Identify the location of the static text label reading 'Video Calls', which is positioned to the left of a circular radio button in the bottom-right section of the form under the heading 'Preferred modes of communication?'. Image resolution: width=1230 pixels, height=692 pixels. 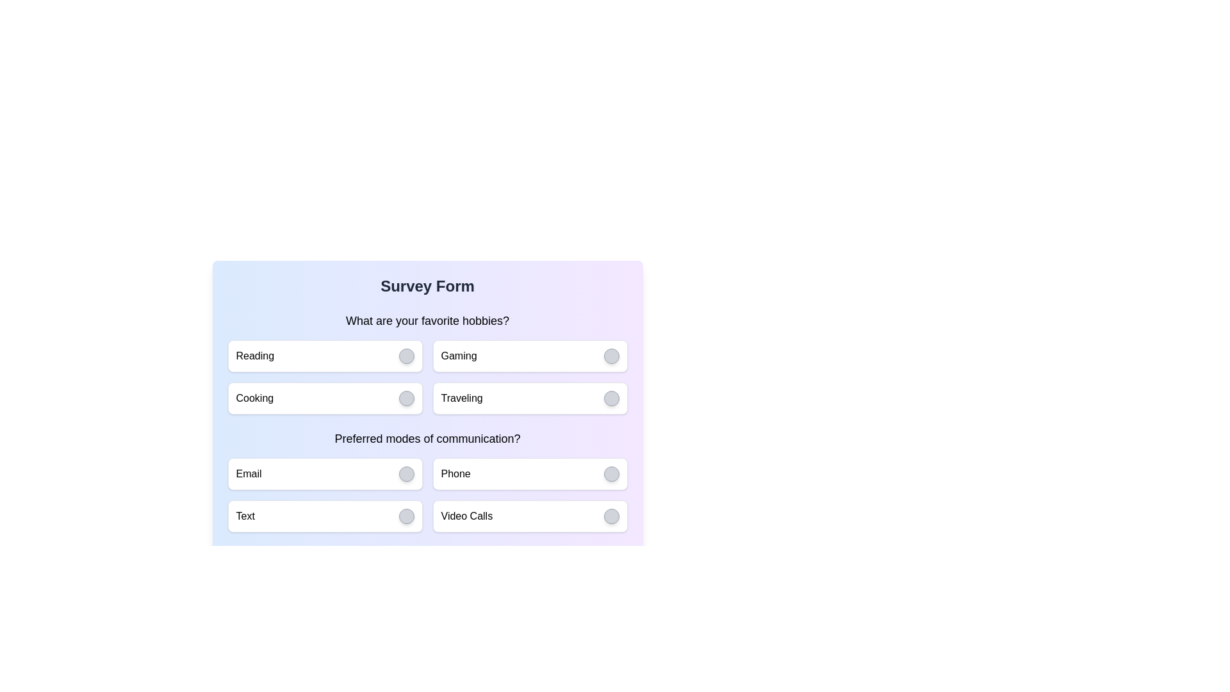
(466, 516).